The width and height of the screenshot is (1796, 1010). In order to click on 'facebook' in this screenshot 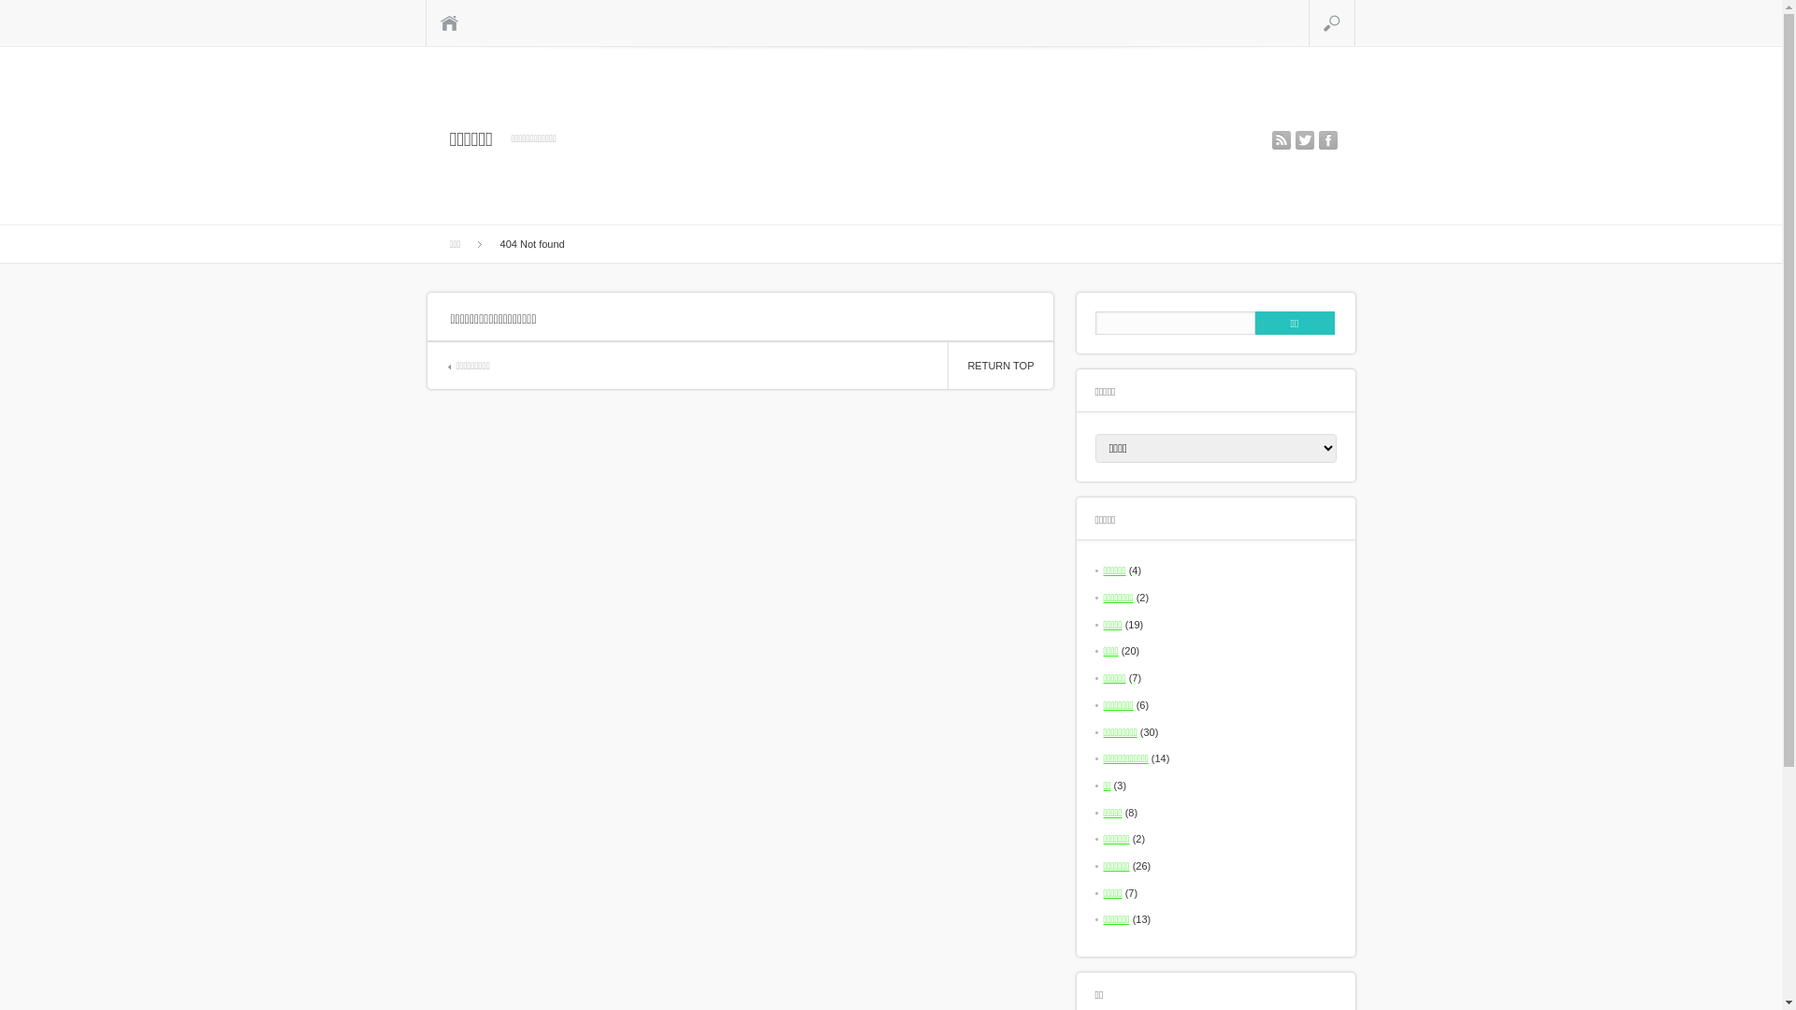, I will do `click(1327, 139)`.